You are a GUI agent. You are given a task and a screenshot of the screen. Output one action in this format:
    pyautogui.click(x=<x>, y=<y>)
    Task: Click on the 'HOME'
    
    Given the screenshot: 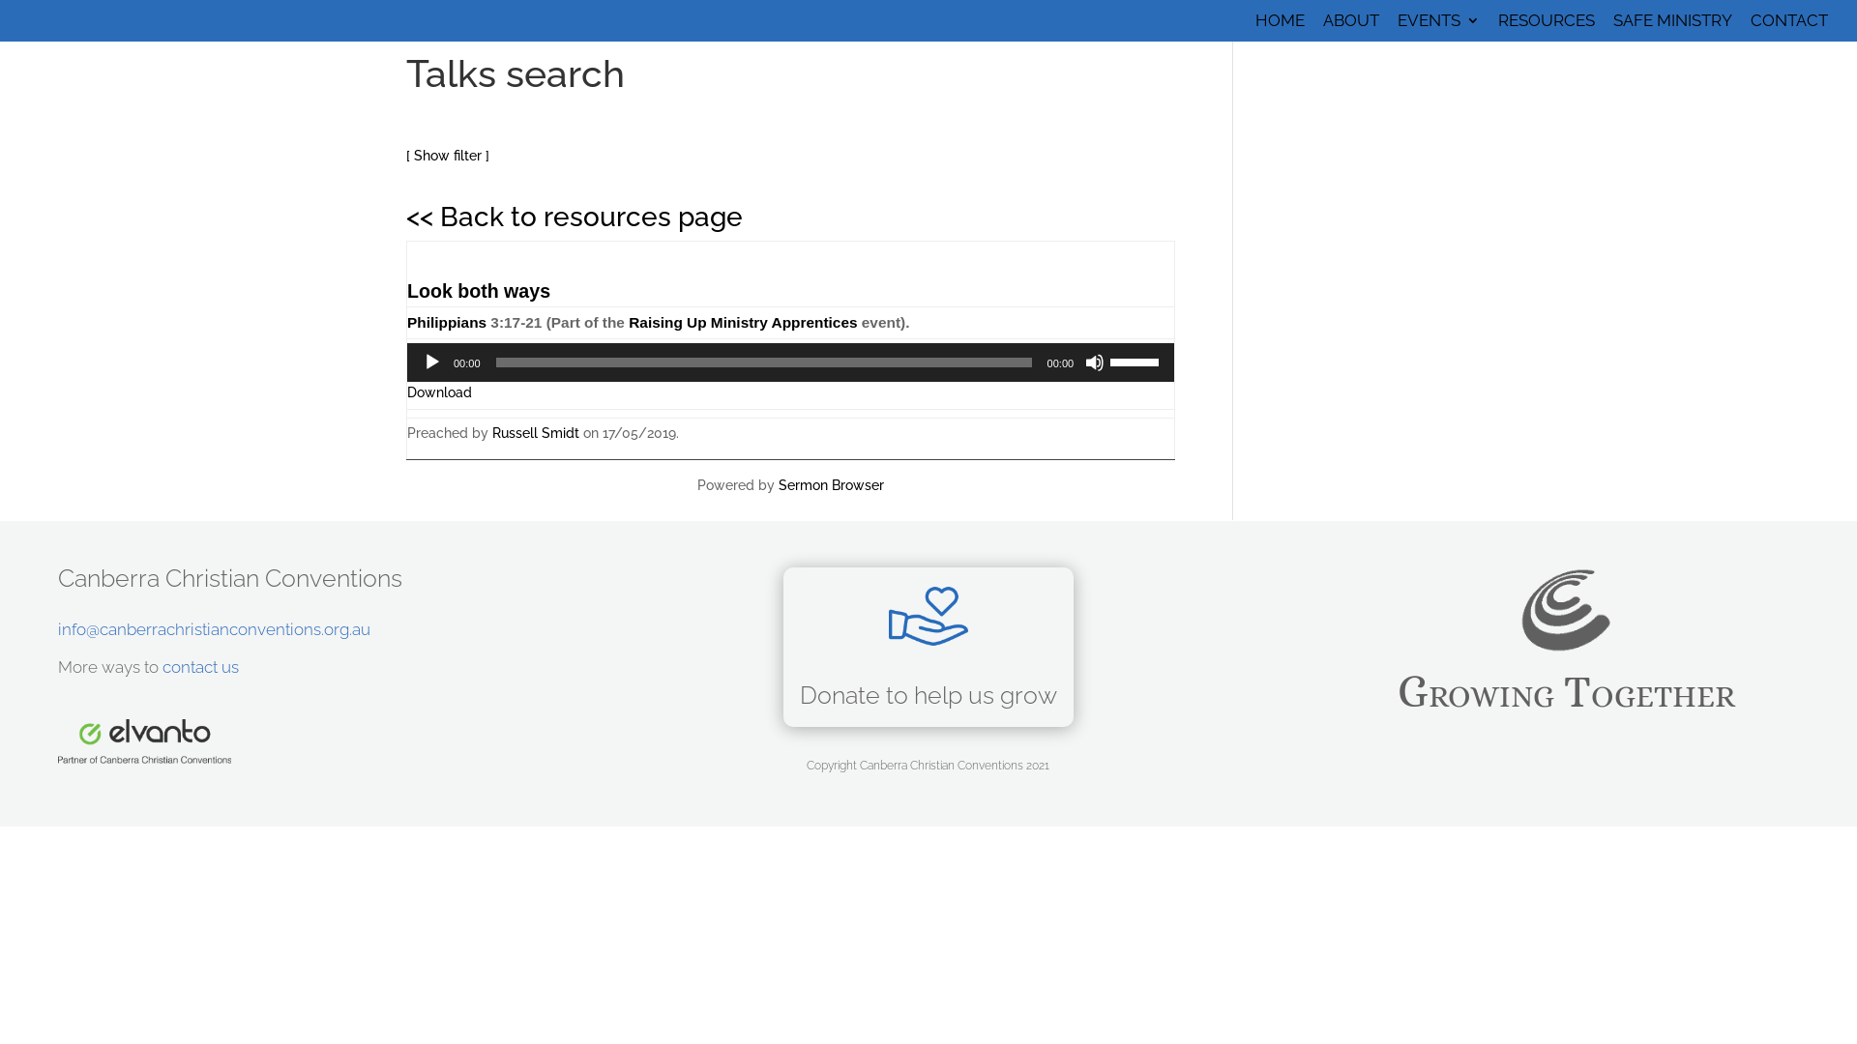 What is the action you would take?
    pyautogui.click(x=1280, y=26)
    